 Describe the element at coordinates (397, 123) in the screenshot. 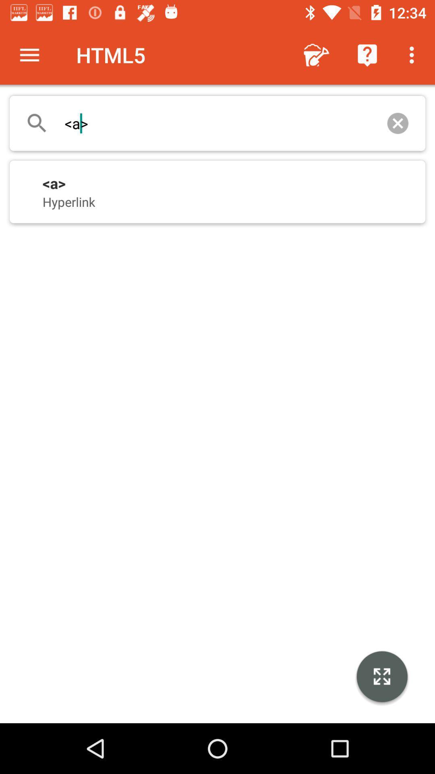

I see `item next to <a> icon` at that location.